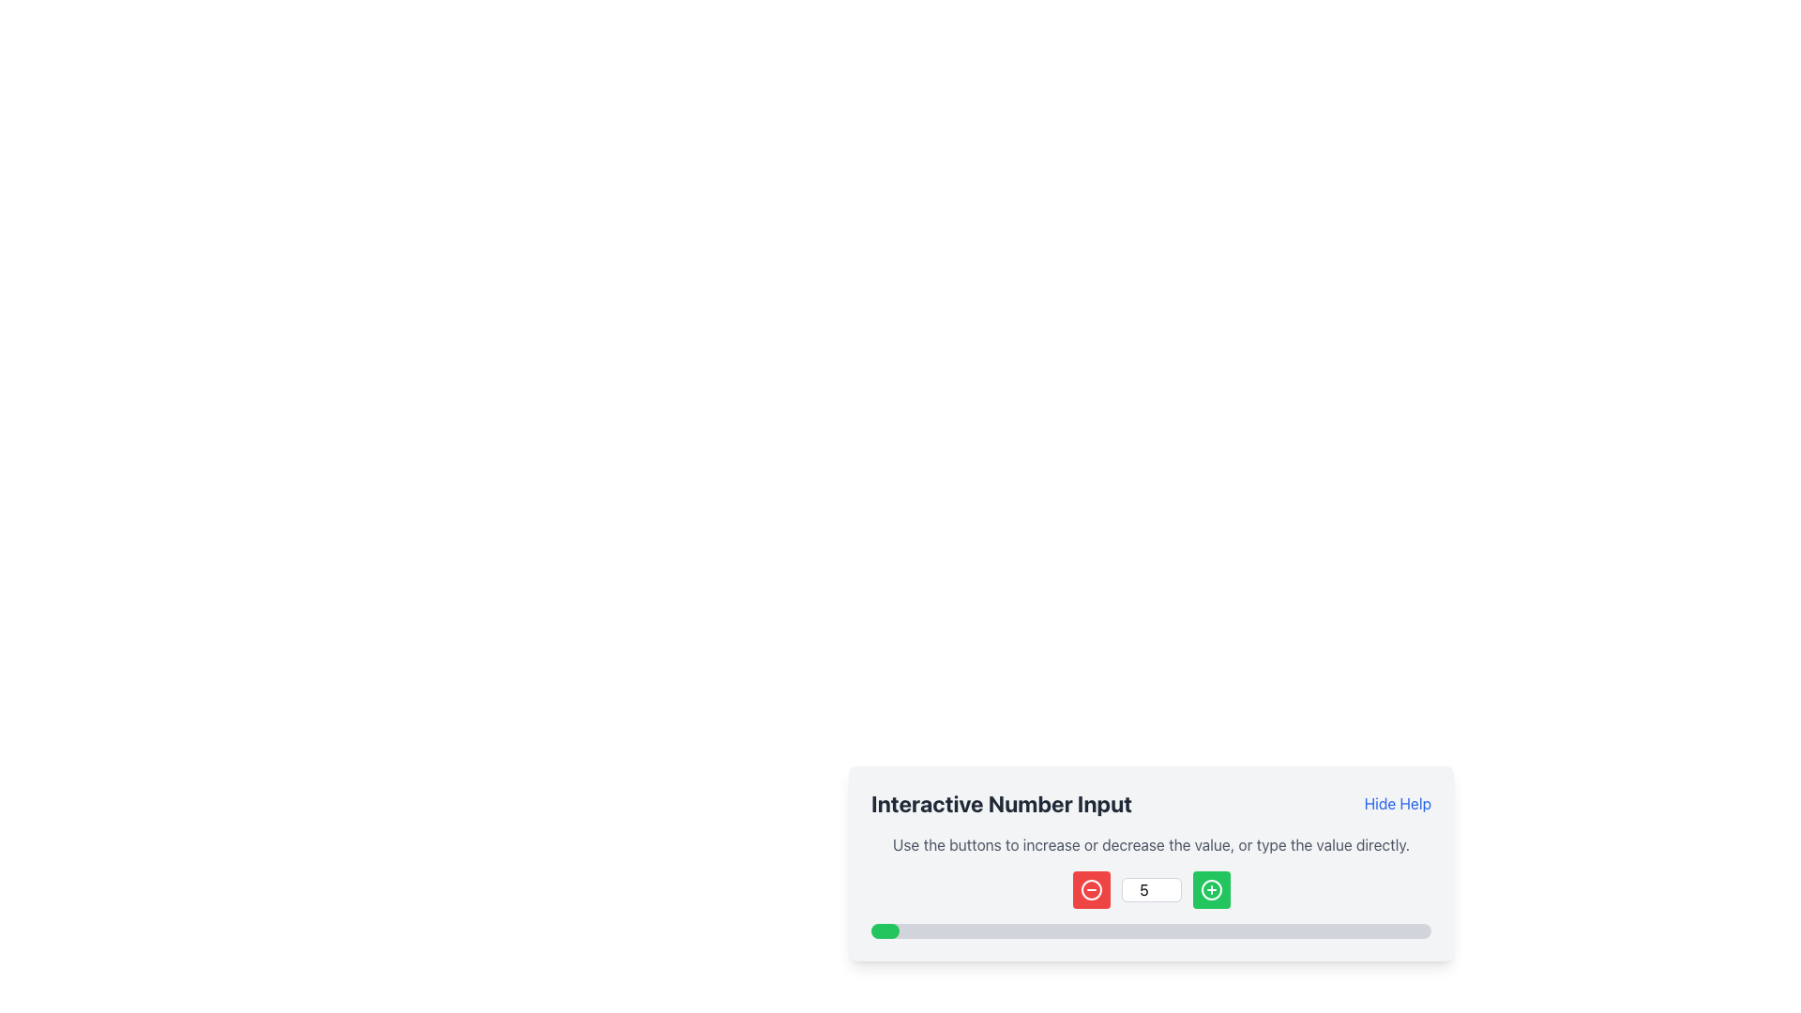  Describe the element at coordinates (1150, 930) in the screenshot. I see `the horizontal progress bar located at the bottom of the 'Interactive Number Input' feature, which has a gray background and a green-filled portion indicating completion` at that location.